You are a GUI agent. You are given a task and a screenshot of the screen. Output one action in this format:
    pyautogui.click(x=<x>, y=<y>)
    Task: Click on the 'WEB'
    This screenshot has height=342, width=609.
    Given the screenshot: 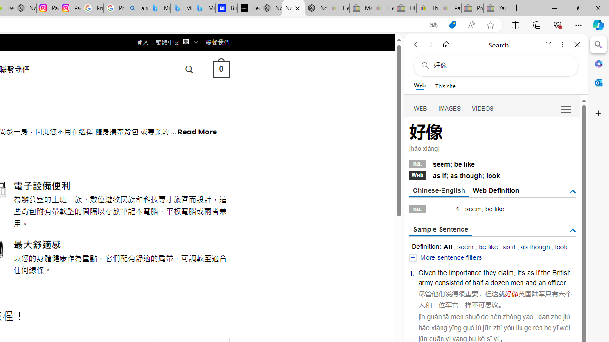 What is the action you would take?
    pyautogui.click(x=420, y=108)
    